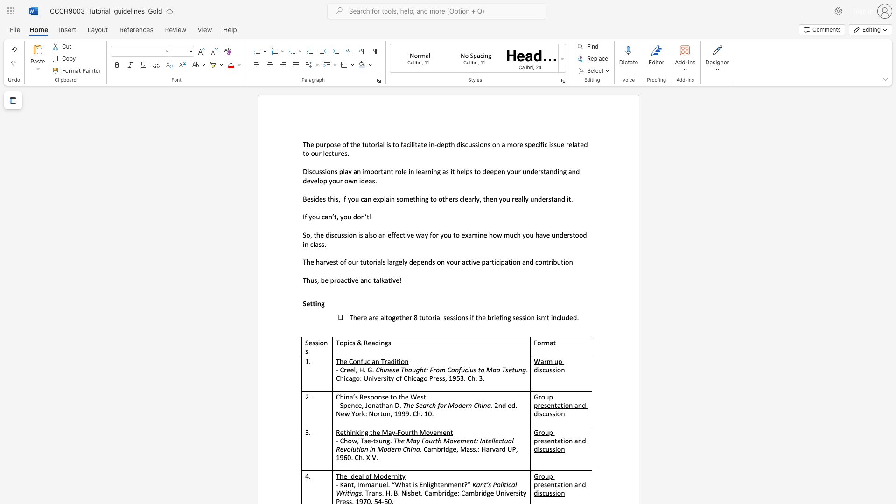 The width and height of the screenshot is (896, 504). I want to click on the subset text "an Tradit" within the text "The Confucian Tradition", so click(371, 361).